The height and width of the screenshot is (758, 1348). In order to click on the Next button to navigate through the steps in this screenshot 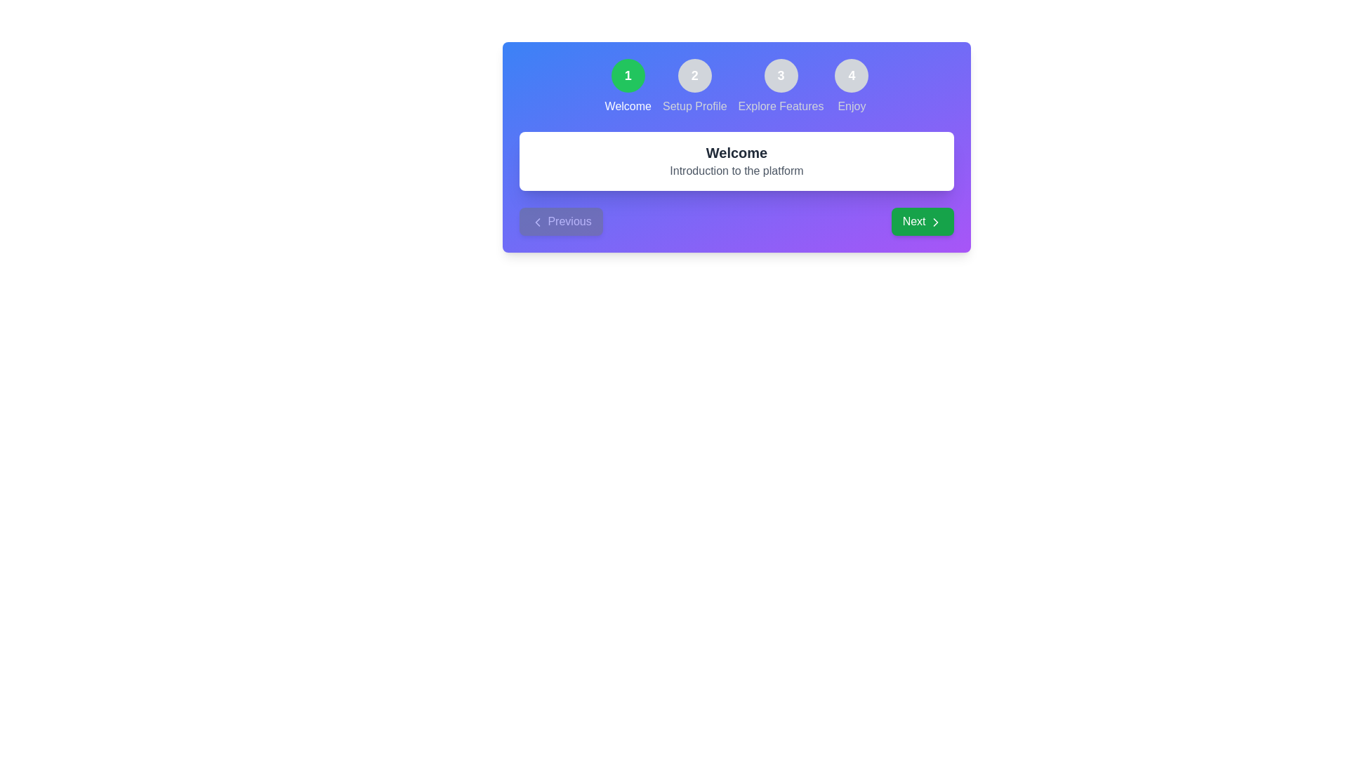, I will do `click(923, 221)`.